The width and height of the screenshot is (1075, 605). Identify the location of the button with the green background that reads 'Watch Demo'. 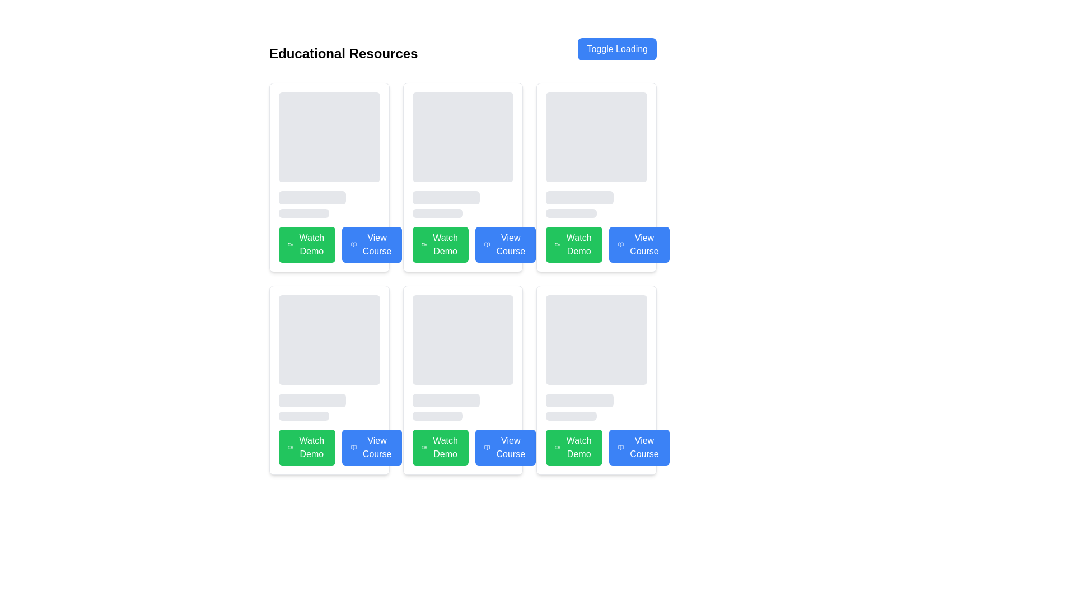
(307, 244).